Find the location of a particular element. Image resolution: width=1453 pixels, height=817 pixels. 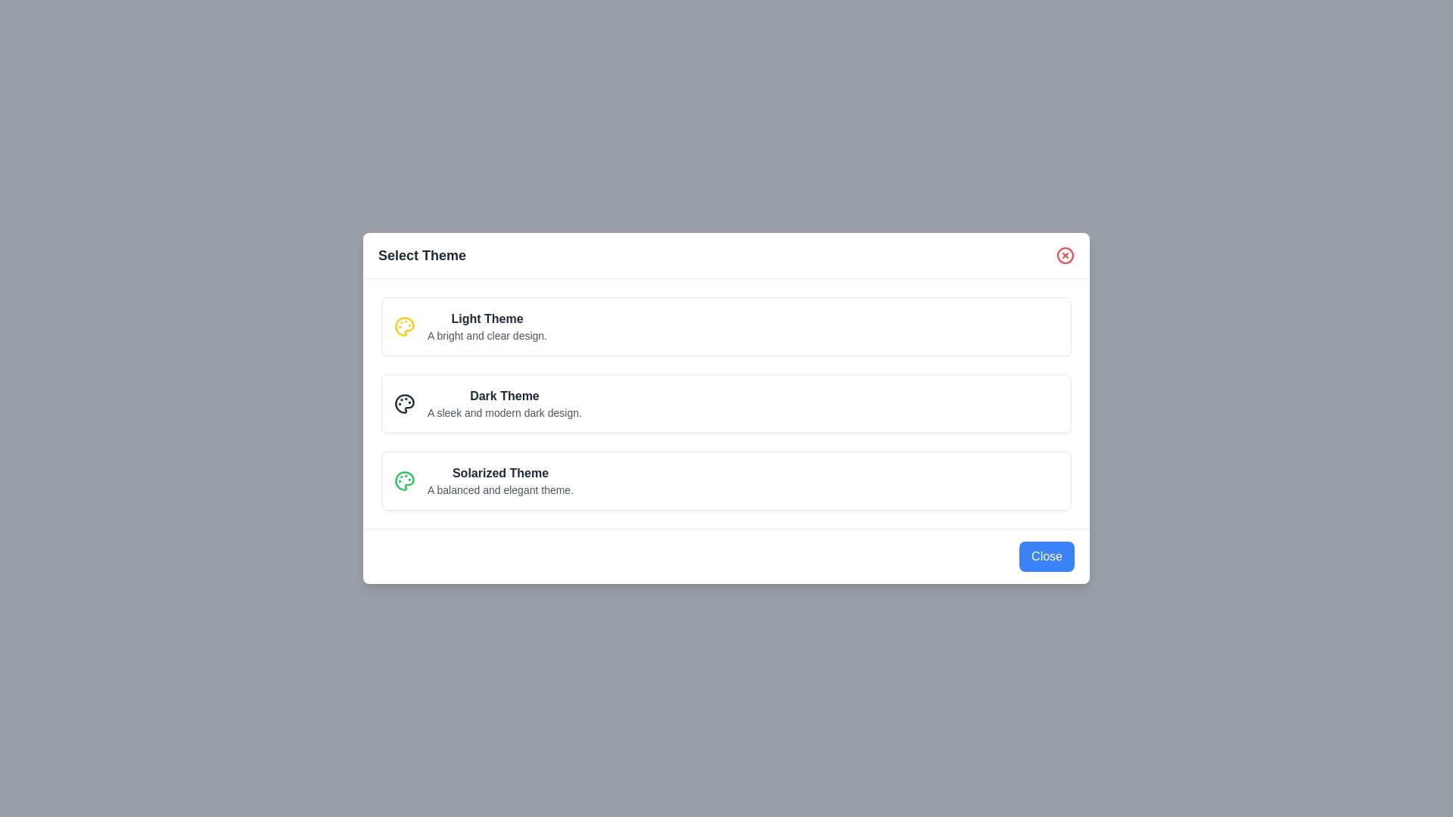

the icon for the theme Dark Theme is located at coordinates (404, 402).